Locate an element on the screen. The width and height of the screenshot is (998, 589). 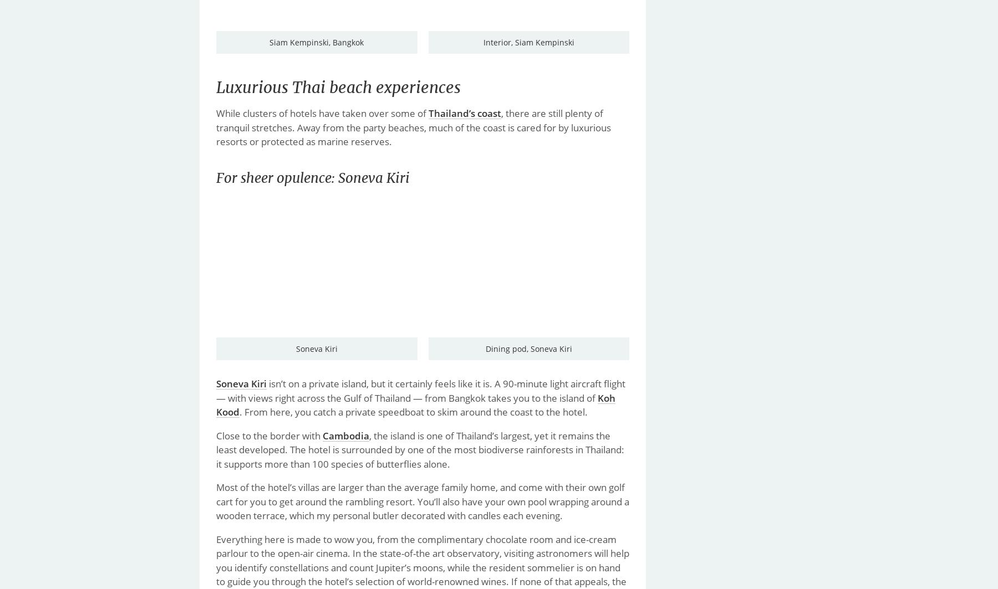
', there are still plenty of tranquil stretches. Away from the party beaches, much of the coast is cared for by luxurious resorts or protected as marine reserves.' is located at coordinates (413, 127).